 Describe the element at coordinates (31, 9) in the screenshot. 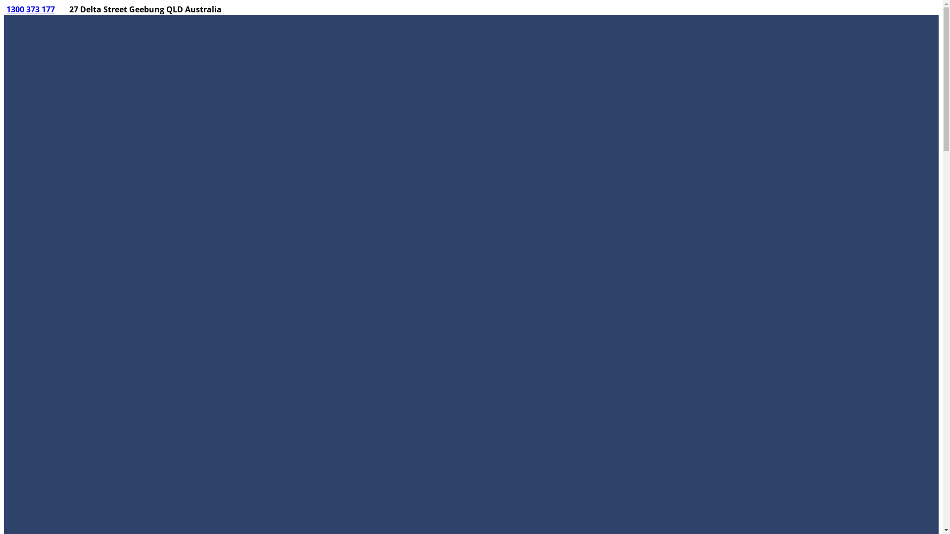

I see `'1300 373 177'` at that location.